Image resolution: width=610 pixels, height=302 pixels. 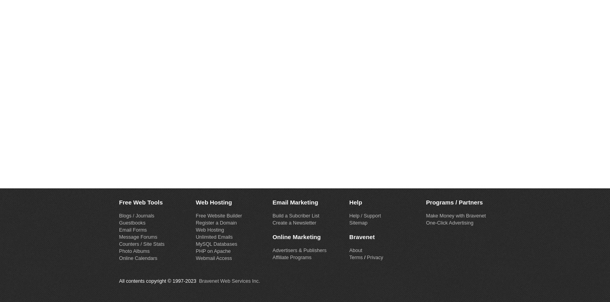 I want to click on 'About', so click(x=355, y=250).